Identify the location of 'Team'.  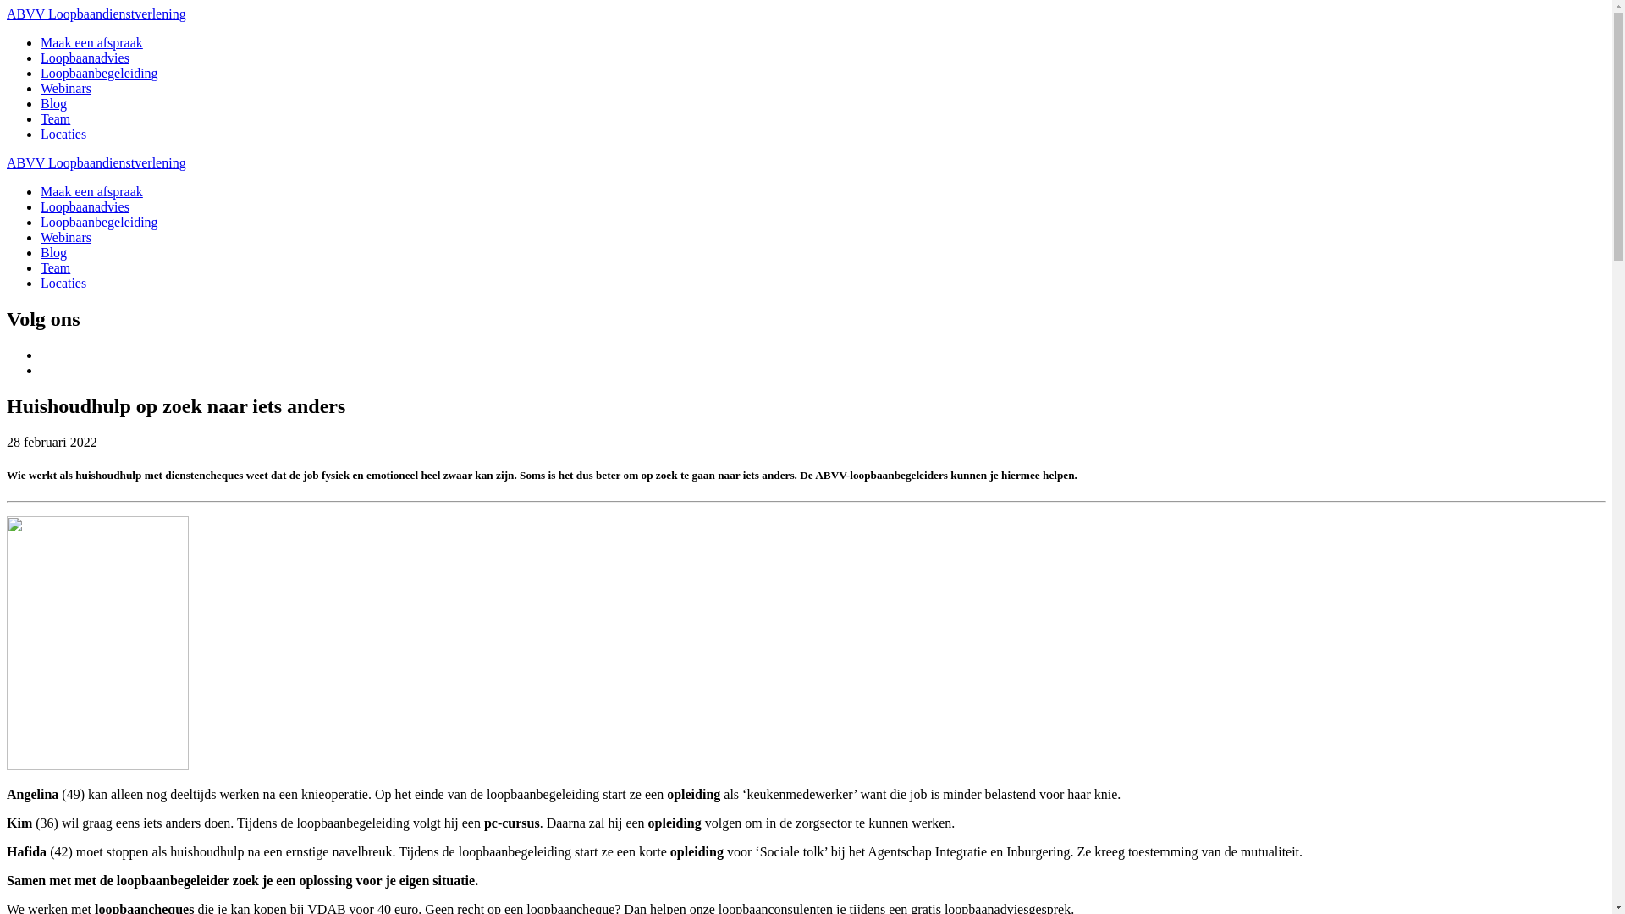
(55, 118).